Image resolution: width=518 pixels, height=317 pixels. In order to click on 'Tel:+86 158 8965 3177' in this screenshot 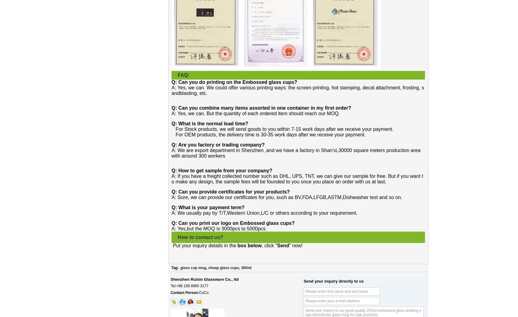, I will do `click(189, 285)`.